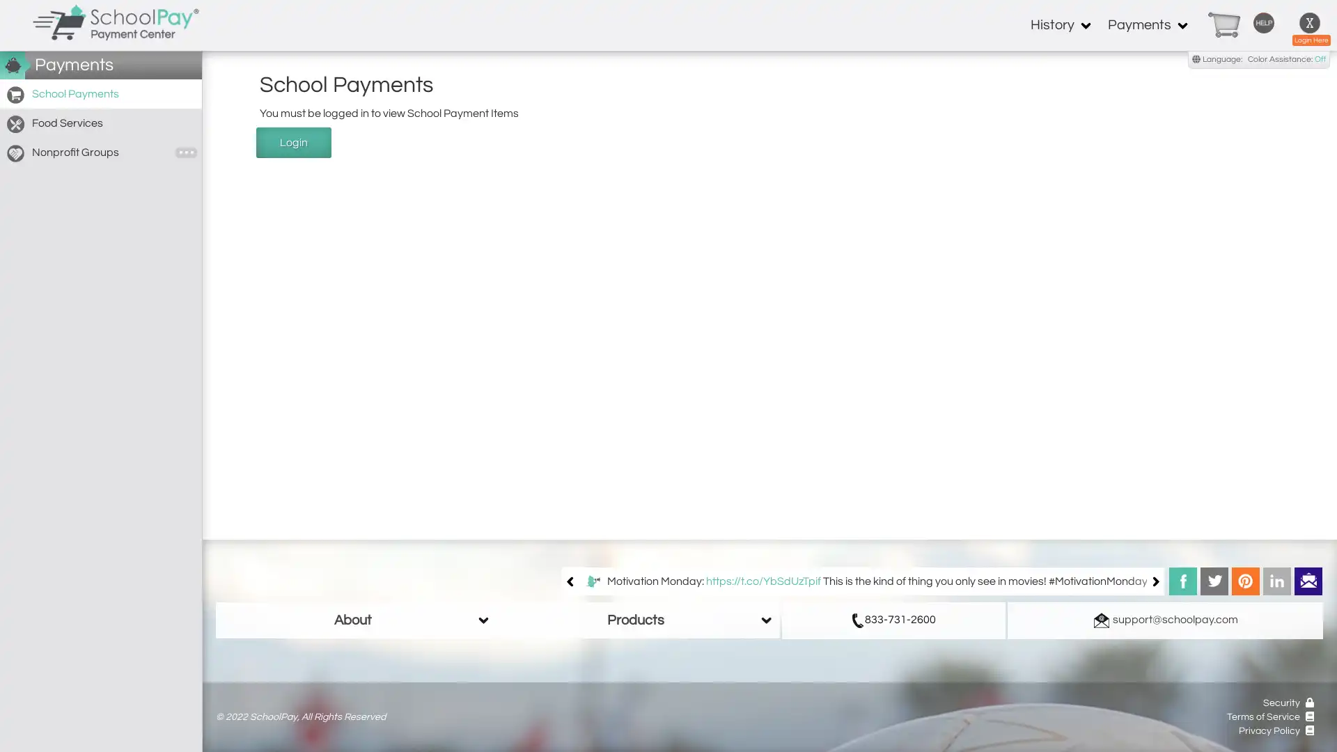 The width and height of the screenshot is (1337, 752). I want to click on Scroll Right Arrow, so click(1141, 580).